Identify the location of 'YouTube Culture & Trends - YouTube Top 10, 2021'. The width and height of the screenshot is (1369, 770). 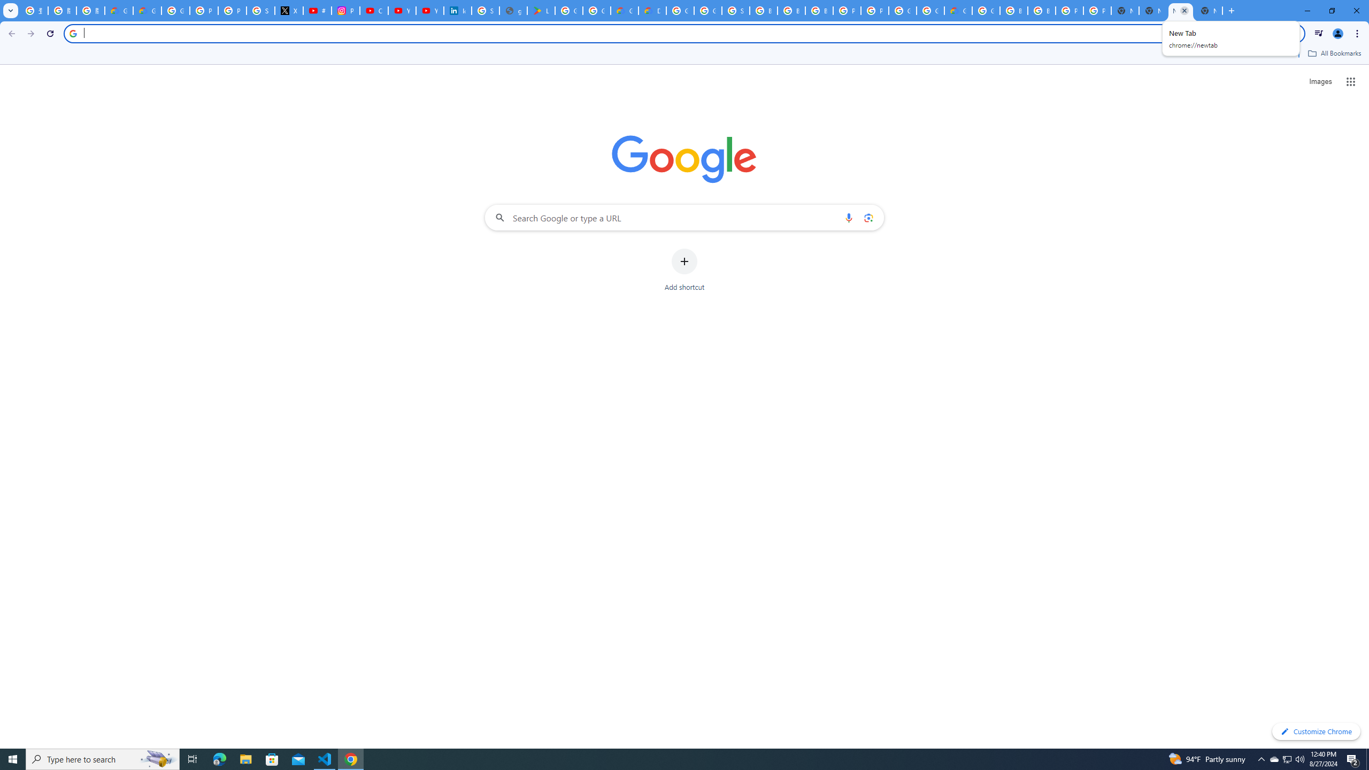
(429, 10).